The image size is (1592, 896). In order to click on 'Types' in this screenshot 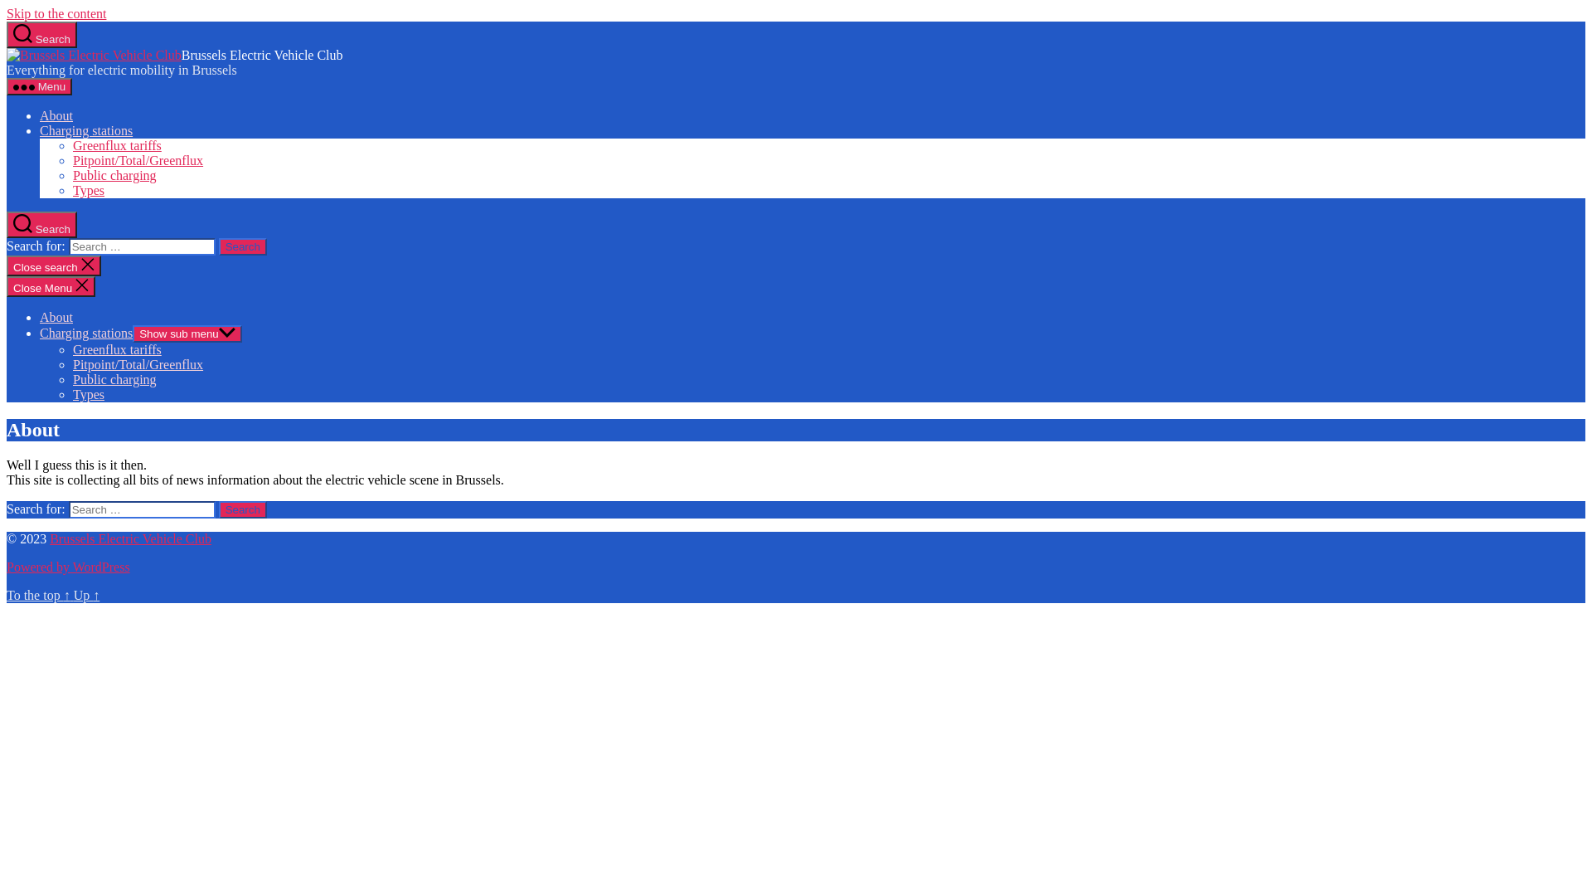, I will do `click(71, 394)`.